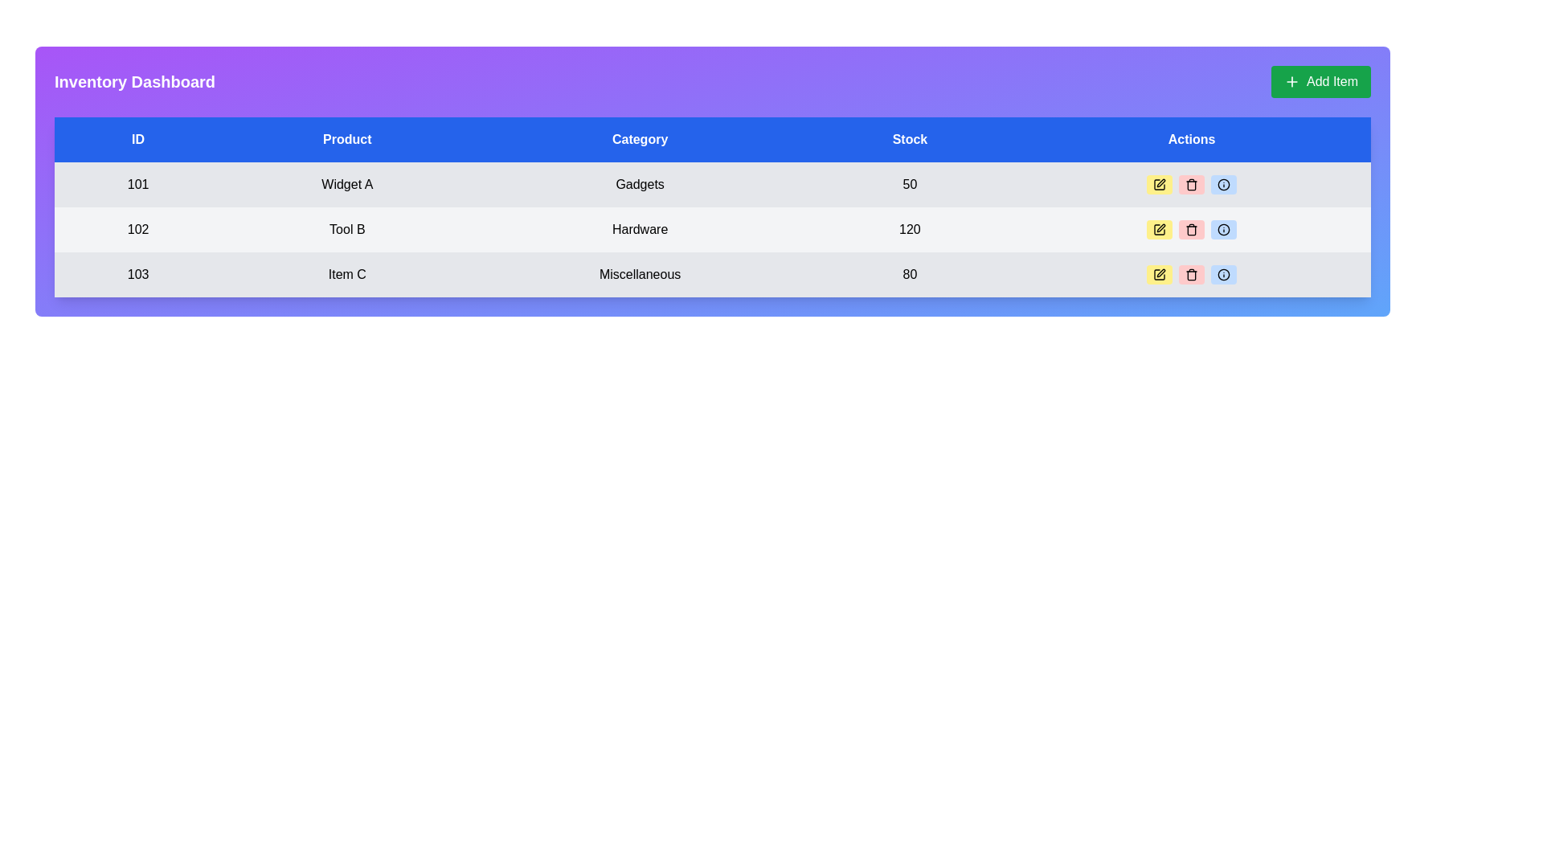  What do you see at coordinates (138, 138) in the screenshot?
I see `the Table Header Cell with a blue background and white text reading 'ID', which is the first column header in the table` at bounding box center [138, 138].